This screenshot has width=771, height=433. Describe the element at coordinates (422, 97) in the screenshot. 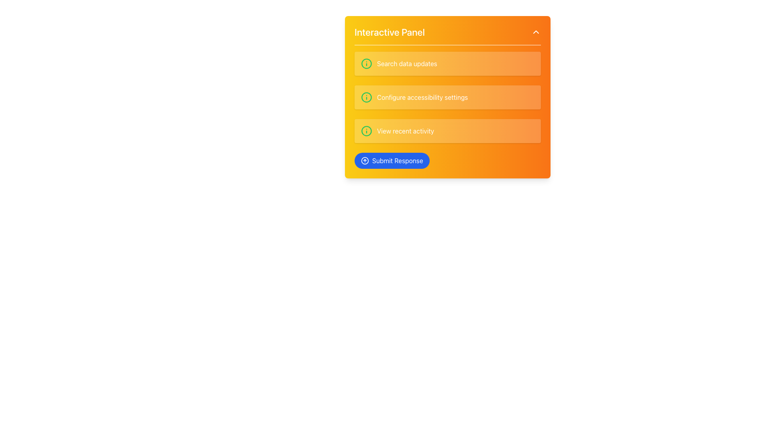

I see `the accessibility settings text label located in the middle of the vertical stack in the 'Interactive Panel' section` at that location.